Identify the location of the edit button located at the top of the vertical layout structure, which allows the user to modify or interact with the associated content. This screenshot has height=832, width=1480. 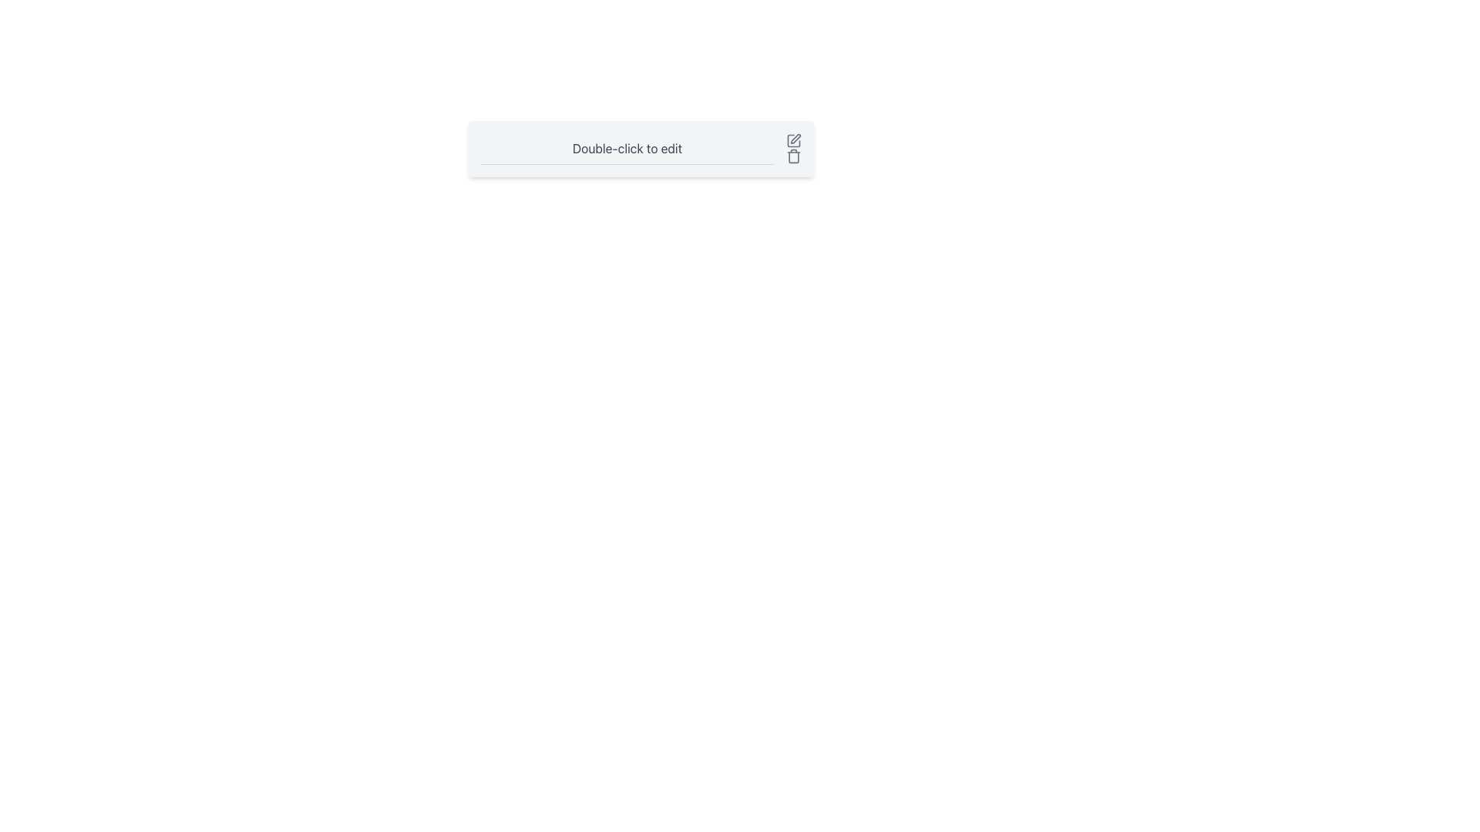
(794, 140).